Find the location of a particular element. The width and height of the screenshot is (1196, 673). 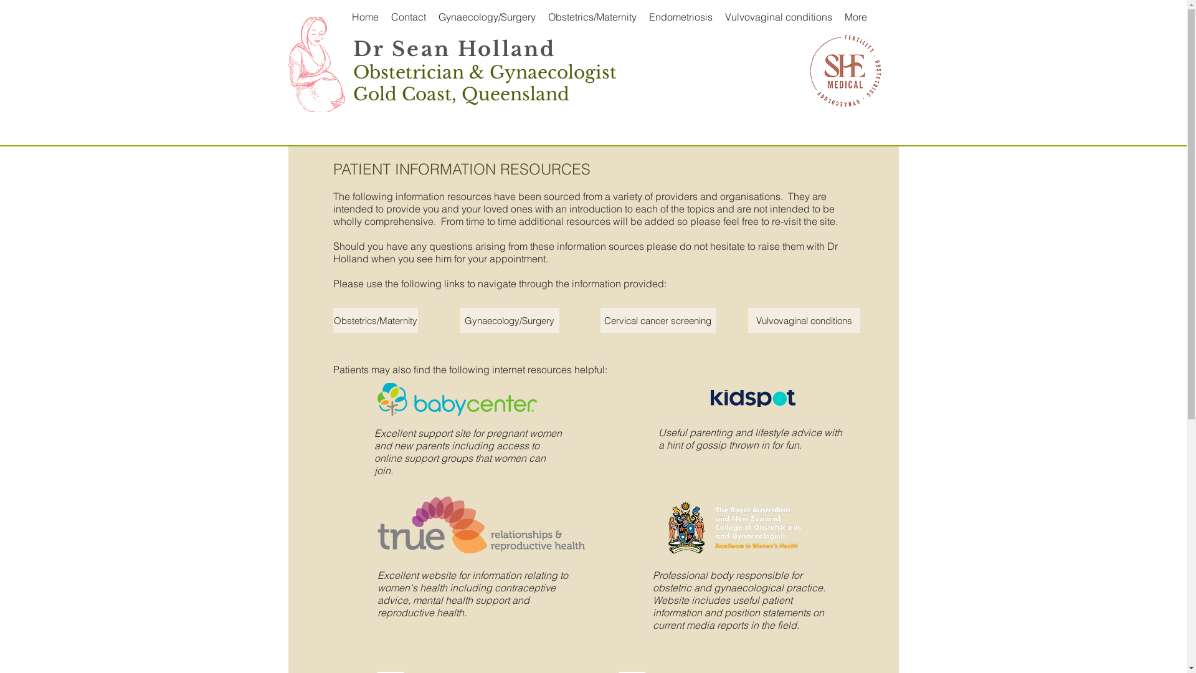

'Contact' is located at coordinates (409, 17).